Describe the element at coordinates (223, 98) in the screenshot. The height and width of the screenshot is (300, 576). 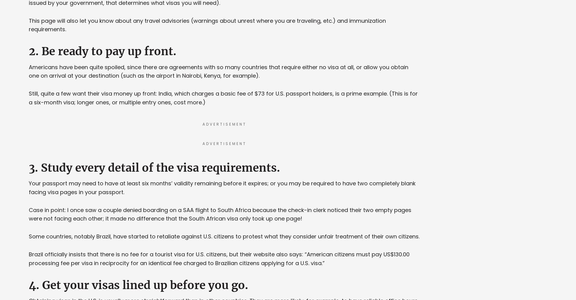
I see `'Still, quite a few want their visa money up front: India, which charges a basic fee of $73 for U.S. passport holders, is a prime example. (This is for a six-month visa; longer ones, or multiple entry ones, cost more.)'` at that location.